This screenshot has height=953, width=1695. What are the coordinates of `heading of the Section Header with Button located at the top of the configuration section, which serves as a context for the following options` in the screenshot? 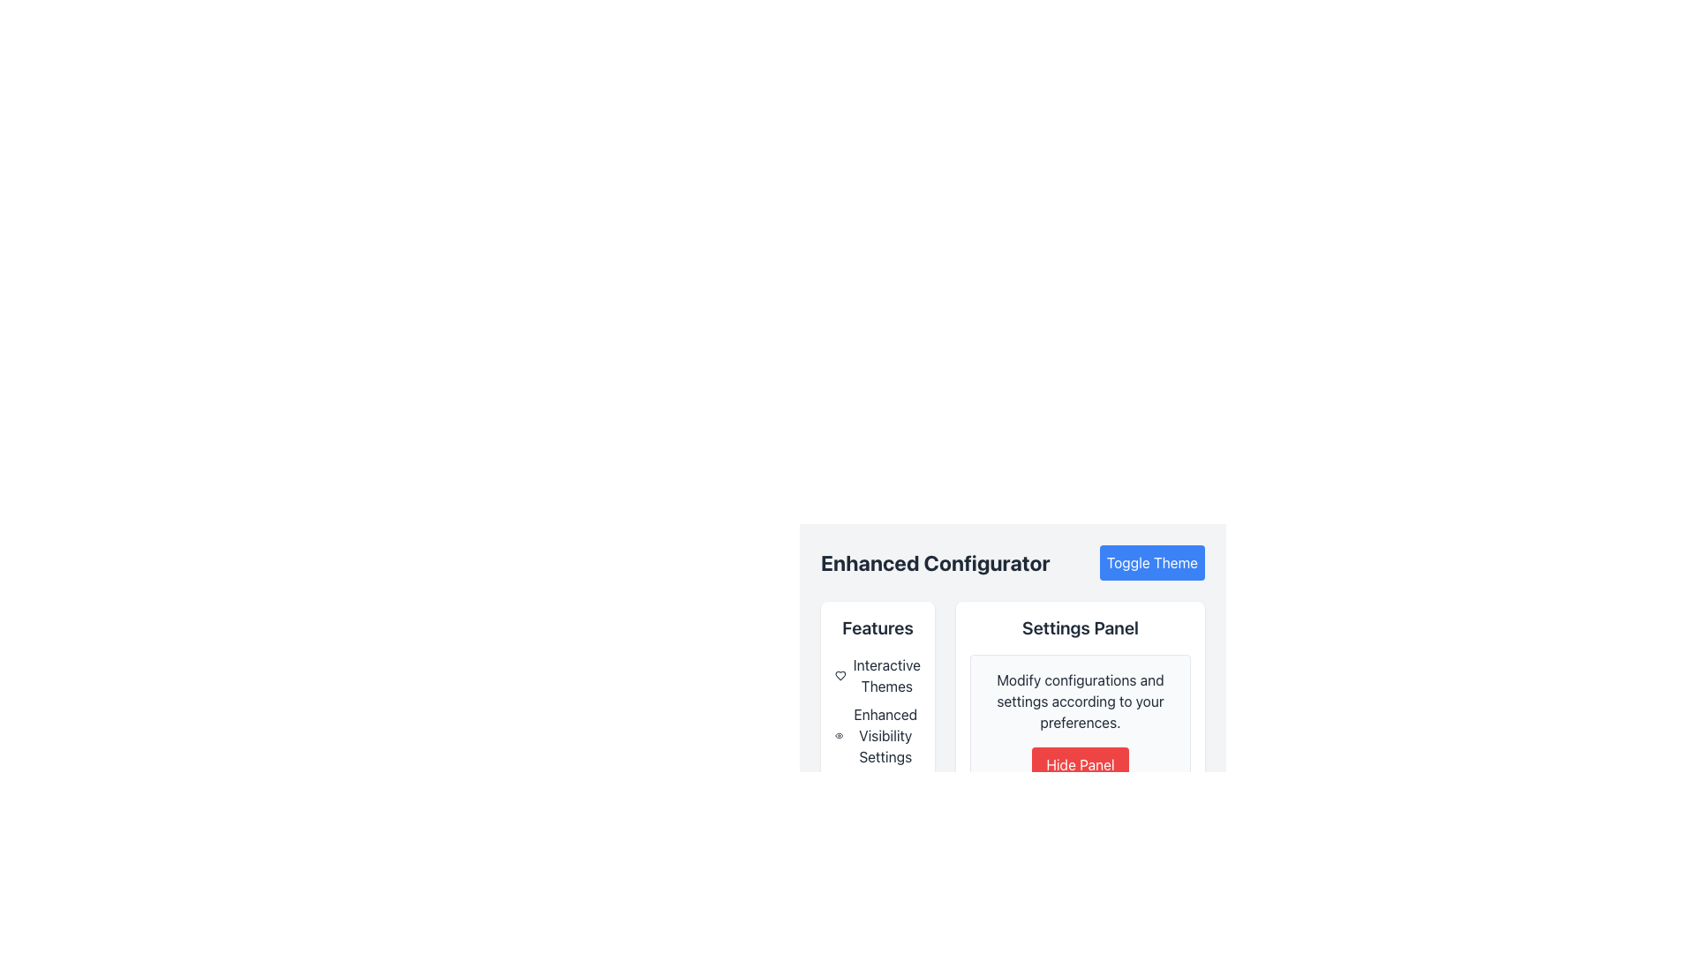 It's located at (1013, 562).